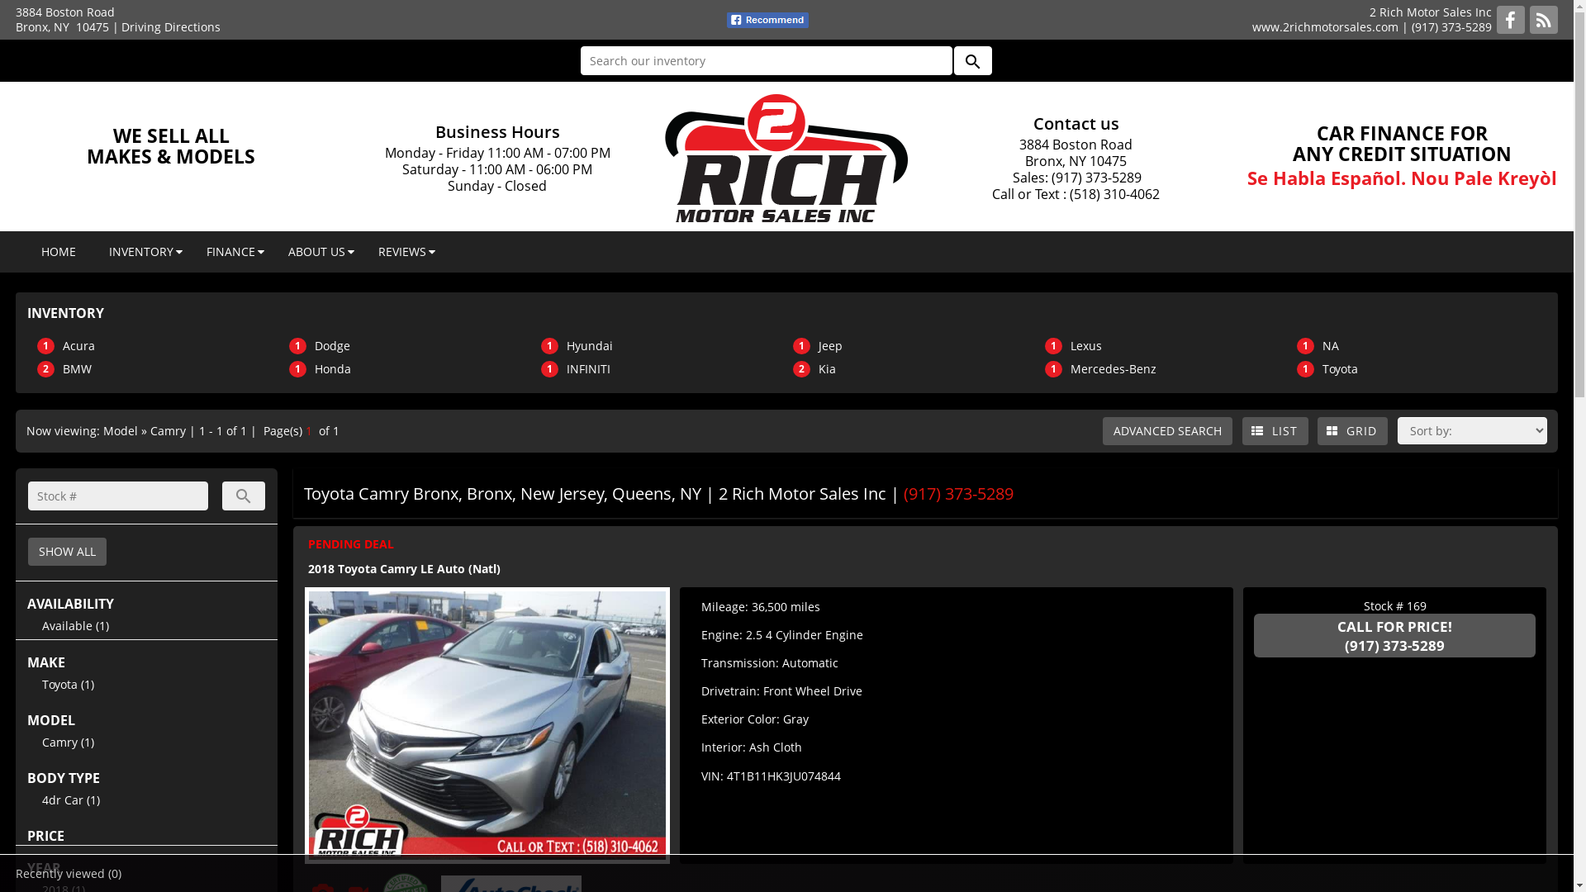 Image resolution: width=1586 pixels, height=892 pixels. What do you see at coordinates (1242, 429) in the screenshot?
I see `'LIST'` at bounding box center [1242, 429].